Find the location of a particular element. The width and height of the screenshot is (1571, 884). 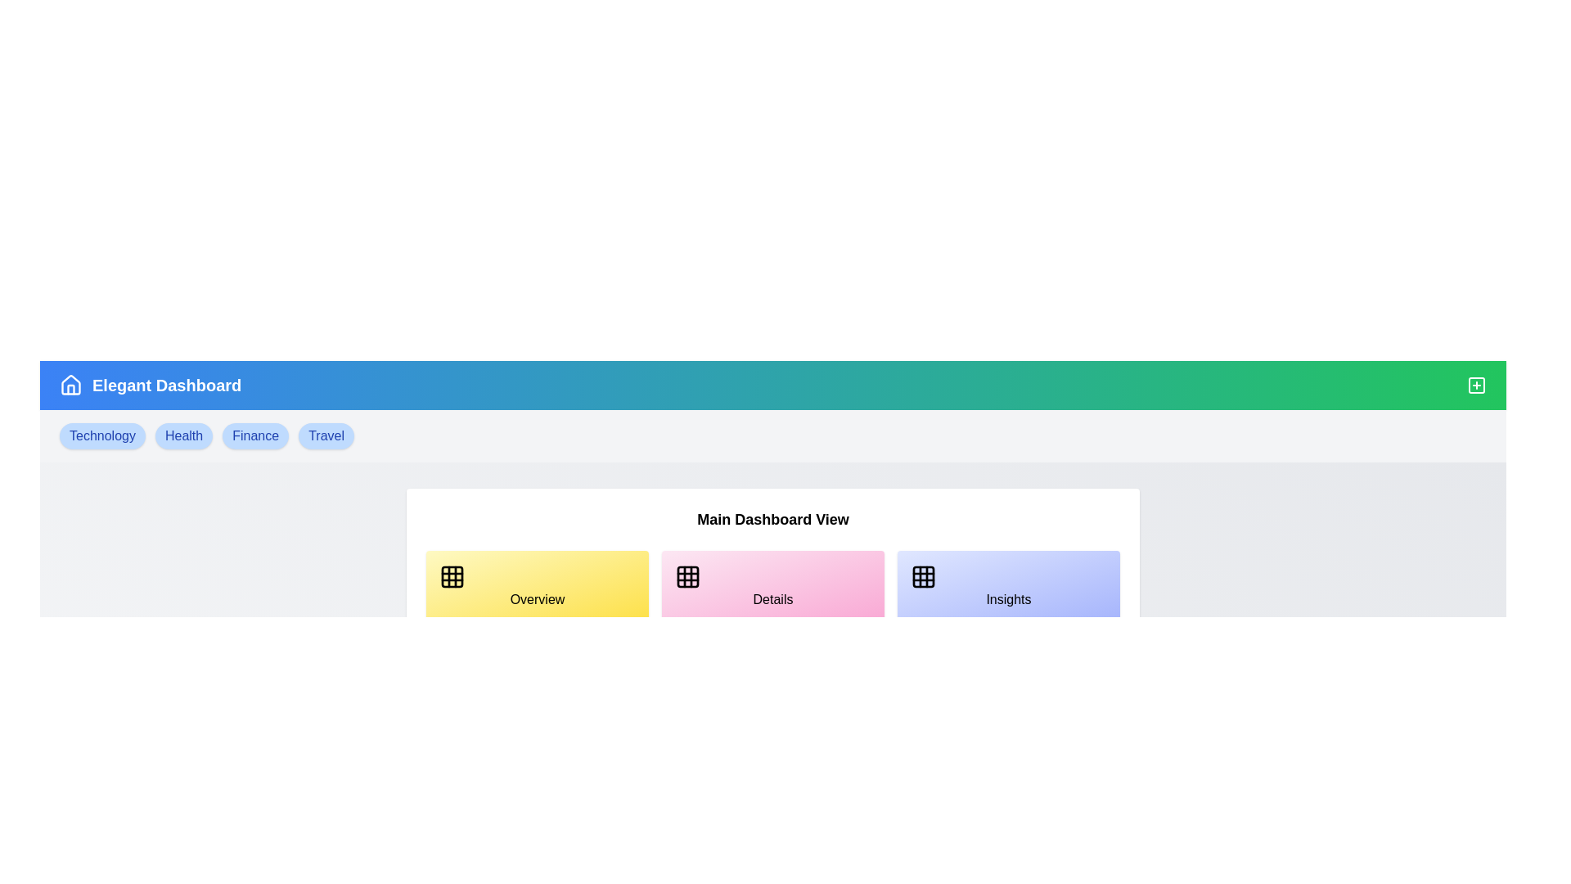

the tag labeled Travel is located at coordinates (326, 435).